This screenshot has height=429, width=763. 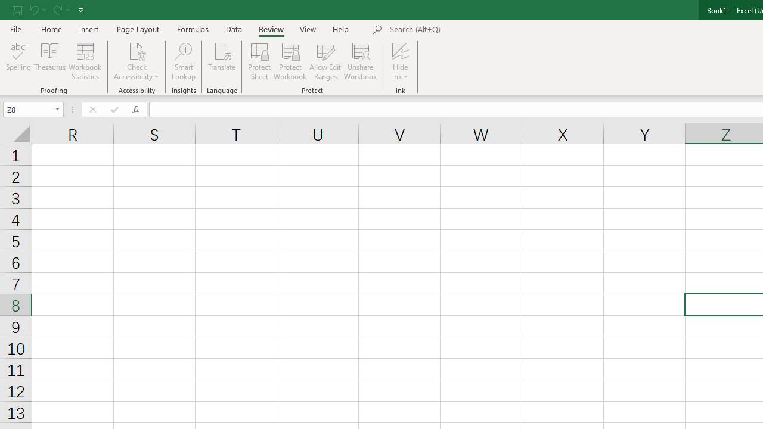 I want to click on 'Hide Ink', so click(x=401, y=50).